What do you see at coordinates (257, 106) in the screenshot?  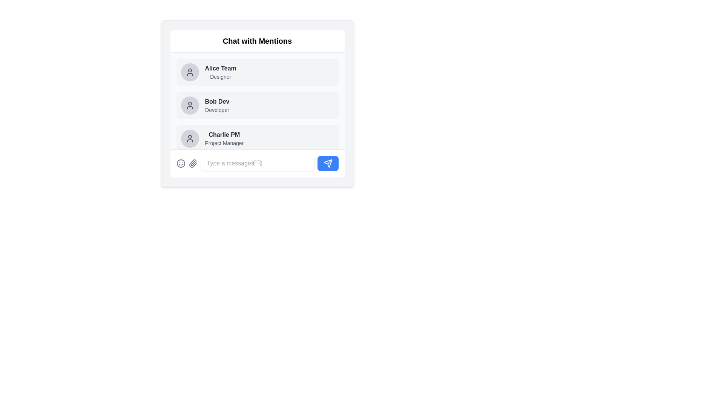 I see `on the list item containing the user 'Bob Dev' with the role 'Developer'` at bounding box center [257, 106].